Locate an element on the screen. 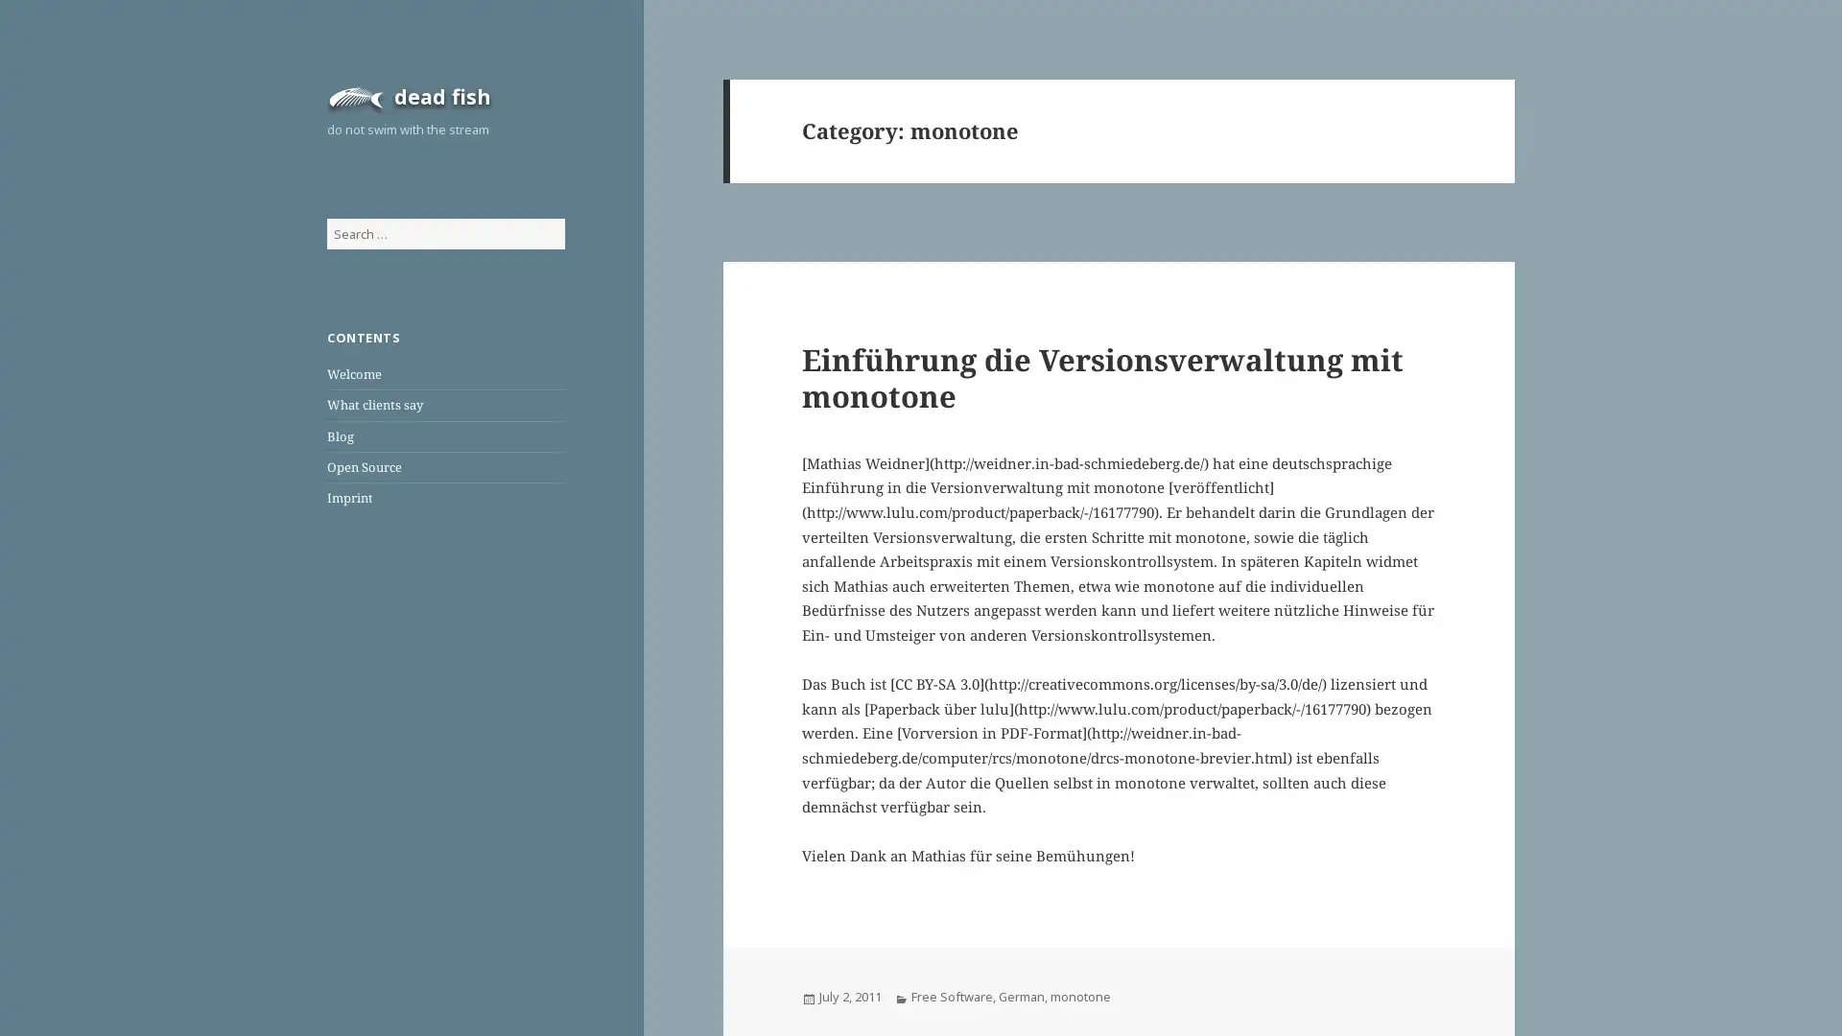  Search is located at coordinates (563, 217).